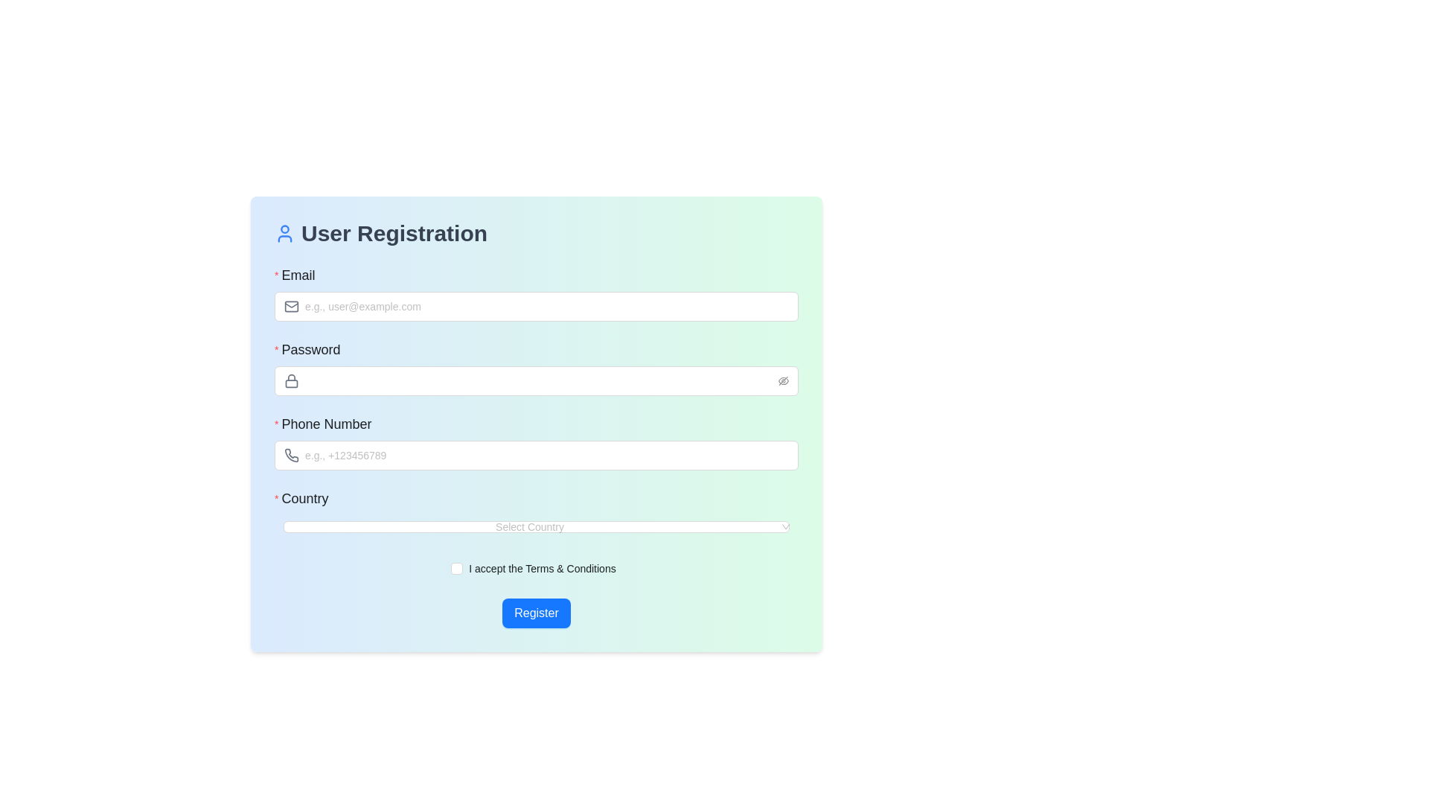 The image size is (1429, 804). I want to click on the phone number icon located beside the 'Phone Number' input field in the registration form interface to provide a visual cue for the expected input, so click(292, 454).